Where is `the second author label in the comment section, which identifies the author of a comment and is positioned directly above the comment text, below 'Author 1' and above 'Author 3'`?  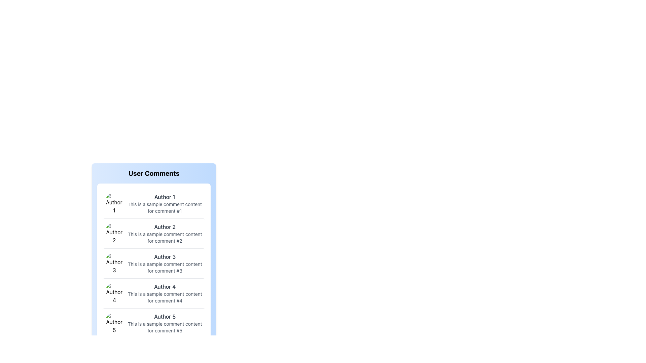
the second author label in the comment section, which identifies the author of a comment and is positioned directly above the comment text, below 'Author 1' and above 'Author 3' is located at coordinates (165, 227).